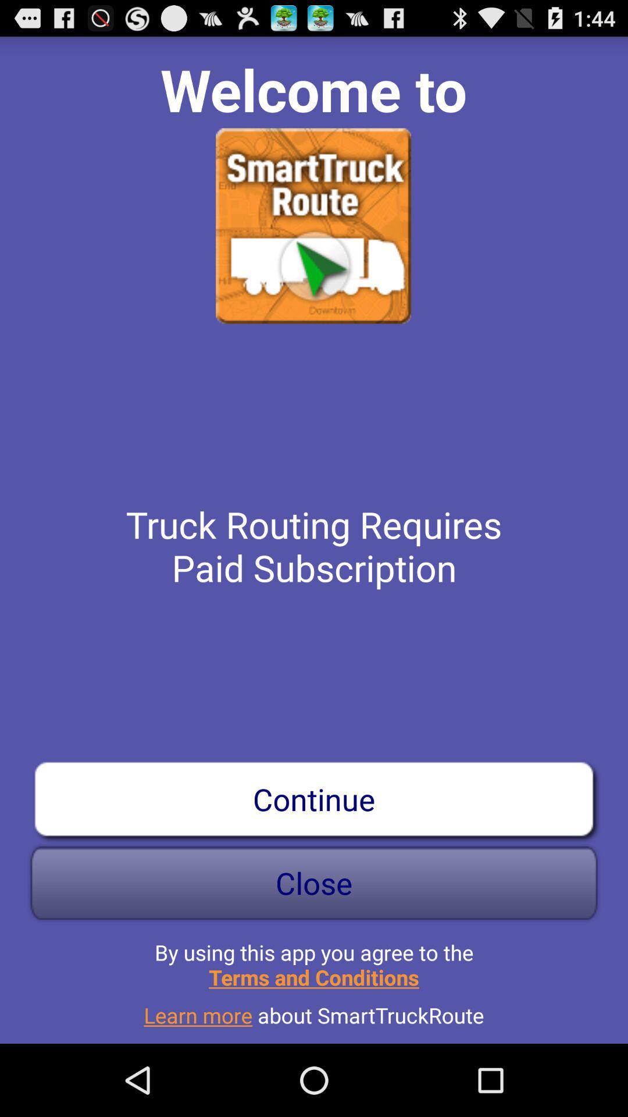  I want to click on continue button, so click(314, 798).